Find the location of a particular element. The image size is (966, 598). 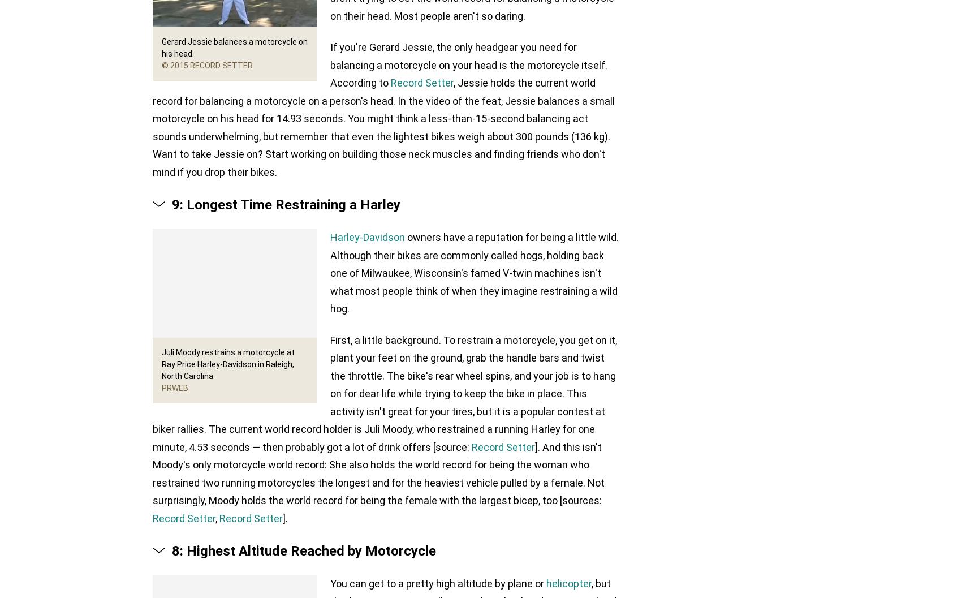

'Juli Moody restrains a motorcycle at Ray Price Harley-Davidson in Raleigh, North Carolina.' is located at coordinates (228, 364).